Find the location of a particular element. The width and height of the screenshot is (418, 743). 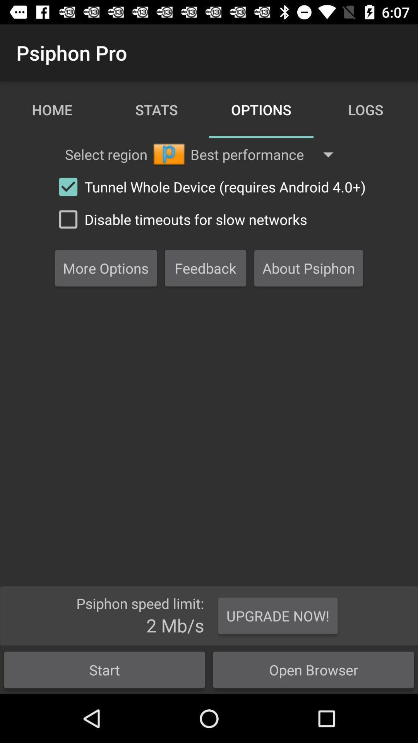

the text below the tunnel whole devicesrequires android 40 is located at coordinates (179, 219).